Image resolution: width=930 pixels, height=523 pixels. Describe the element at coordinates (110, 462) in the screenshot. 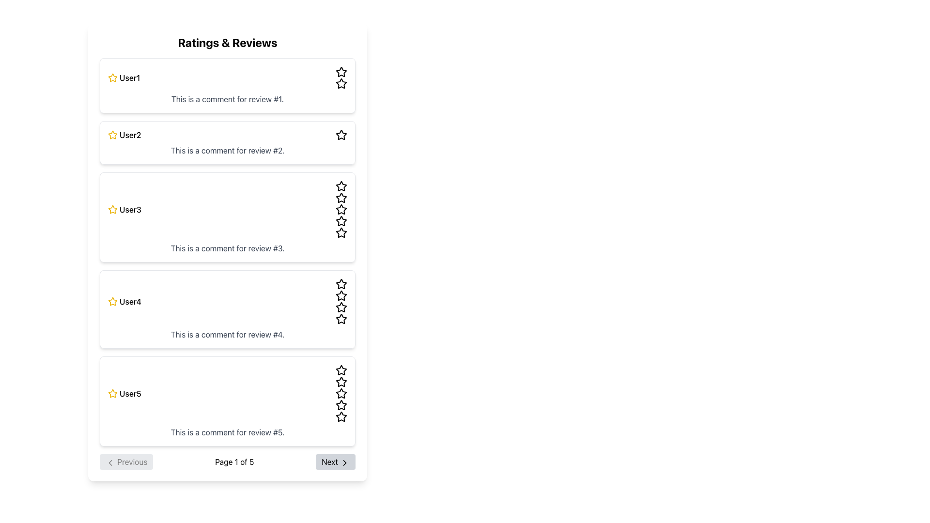

I see `the left-facing arrow icon with a chevron design, located at the center of the left side of the 'Previous' button` at that location.